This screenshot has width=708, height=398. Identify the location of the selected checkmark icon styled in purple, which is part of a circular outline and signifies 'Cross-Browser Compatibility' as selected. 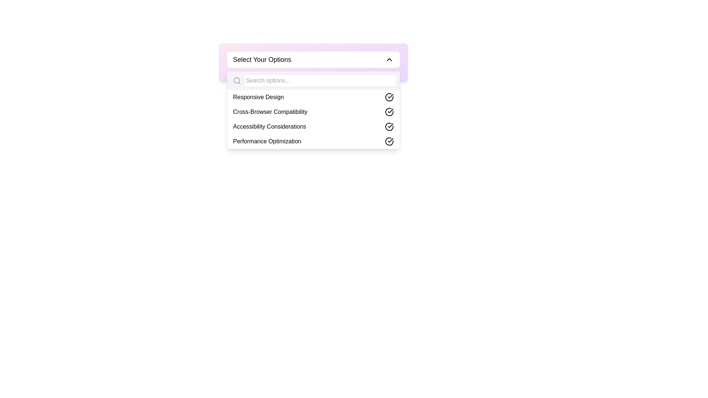
(389, 112).